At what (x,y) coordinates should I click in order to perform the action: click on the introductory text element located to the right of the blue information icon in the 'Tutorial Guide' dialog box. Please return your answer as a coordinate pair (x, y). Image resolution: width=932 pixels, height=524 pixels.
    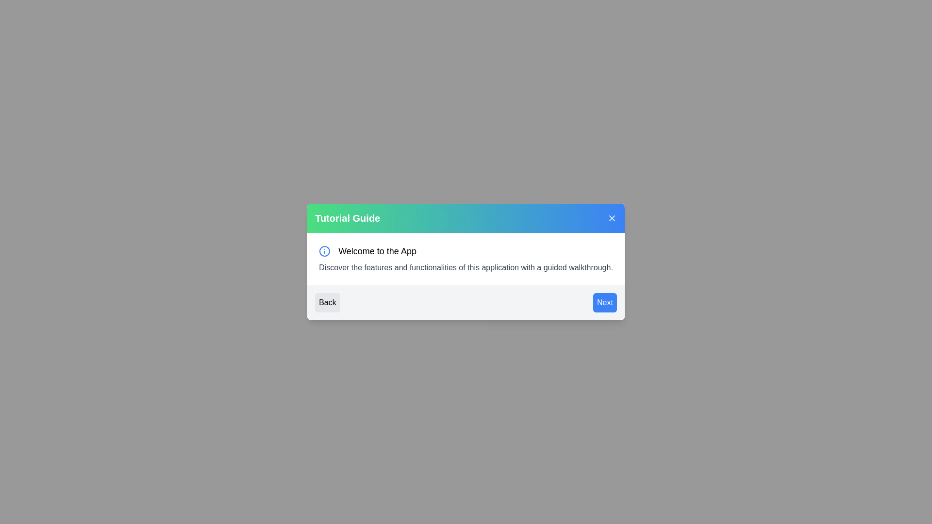
    Looking at the image, I should click on (377, 250).